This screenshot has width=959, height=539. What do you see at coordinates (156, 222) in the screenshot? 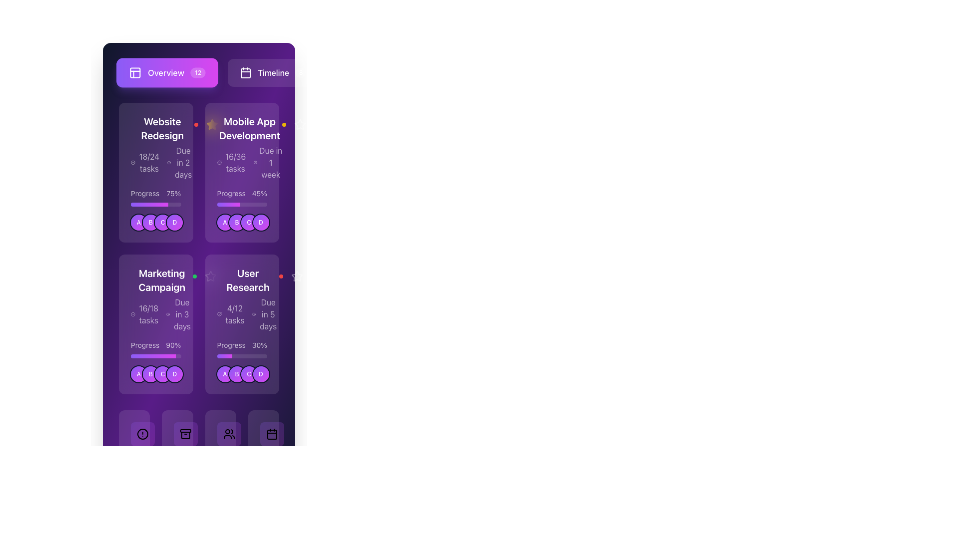
I see `the displayed content of the circular badges with text labels located in the first card of the second row, below the progress bar` at bounding box center [156, 222].